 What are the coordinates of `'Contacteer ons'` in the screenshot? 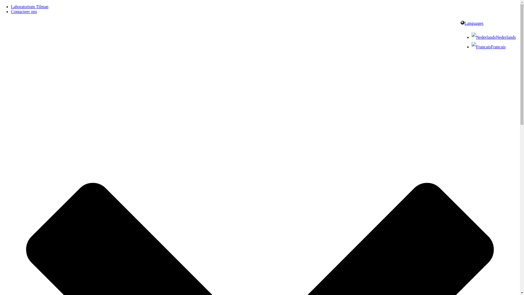 It's located at (11, 11).